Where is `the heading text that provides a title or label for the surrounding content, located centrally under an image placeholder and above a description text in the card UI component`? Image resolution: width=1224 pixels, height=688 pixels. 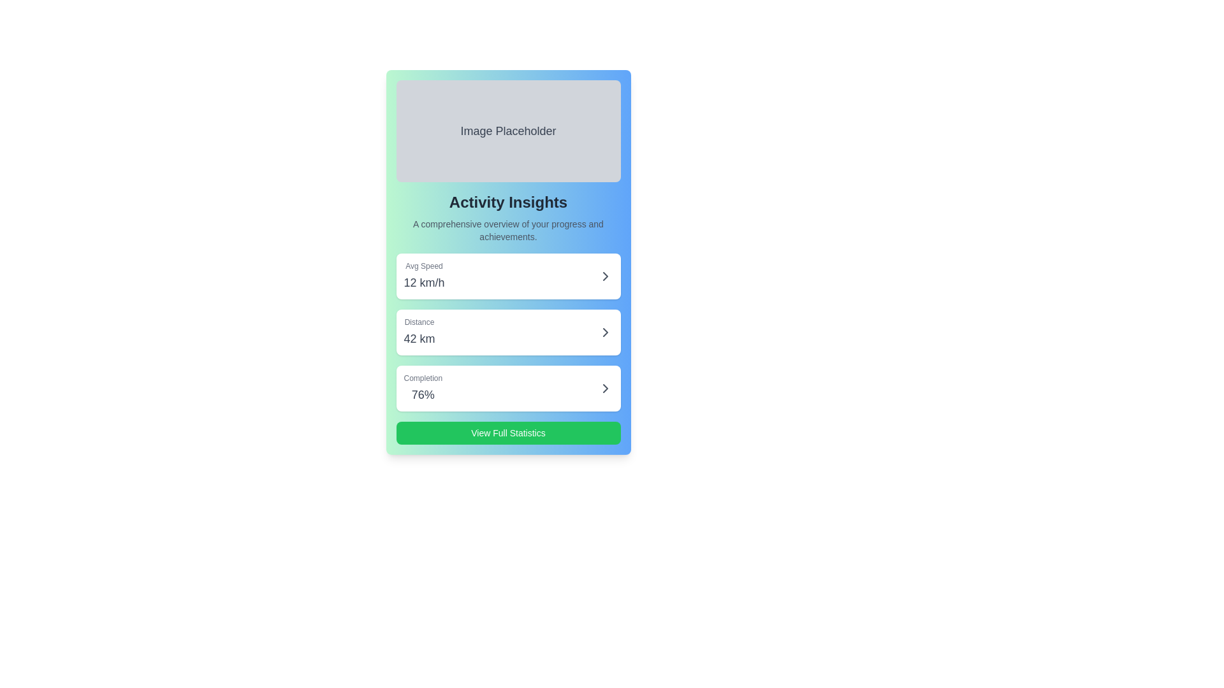
the heading text that provides a title or label for the surrounding content, located centrally under an image placeholder and above a description text in the card UI component is located at coordinates (507, 201).